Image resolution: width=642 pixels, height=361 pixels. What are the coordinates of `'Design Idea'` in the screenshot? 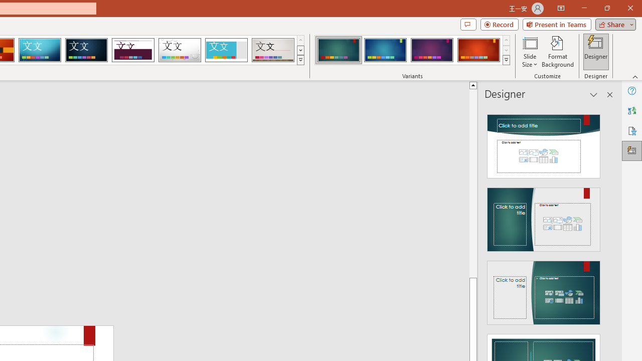 It's located at (543, 289).